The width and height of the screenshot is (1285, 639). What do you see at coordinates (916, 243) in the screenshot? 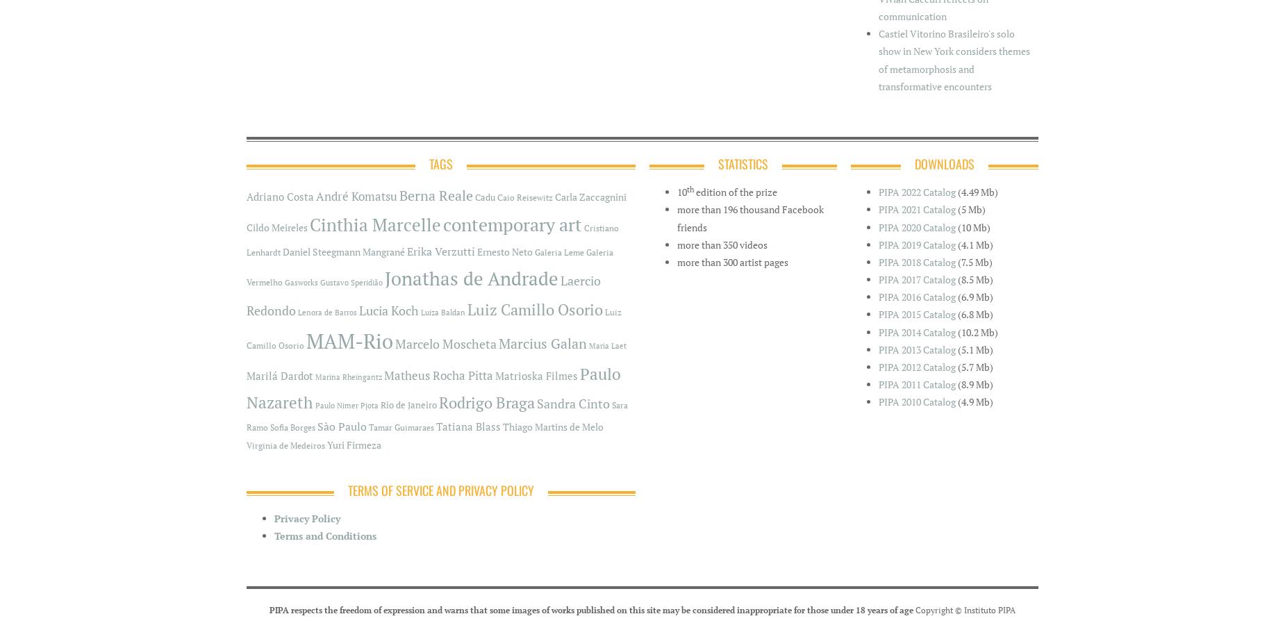
I see `'PIPA 2019 Catalog'` at bounding box center [916, 243].